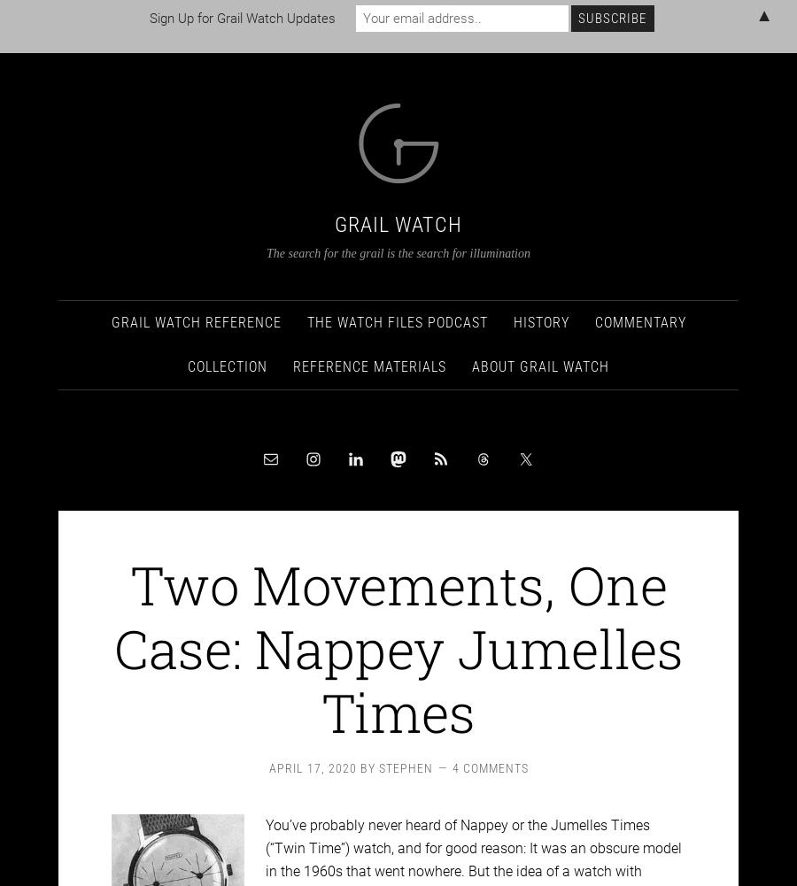 Image resolution: width=797 pixels, height=886 pixels. I want to click on 'Mastodon', so click(0, 49).